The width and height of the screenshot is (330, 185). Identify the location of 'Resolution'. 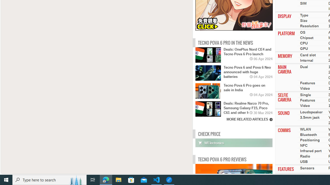
(309, 26).